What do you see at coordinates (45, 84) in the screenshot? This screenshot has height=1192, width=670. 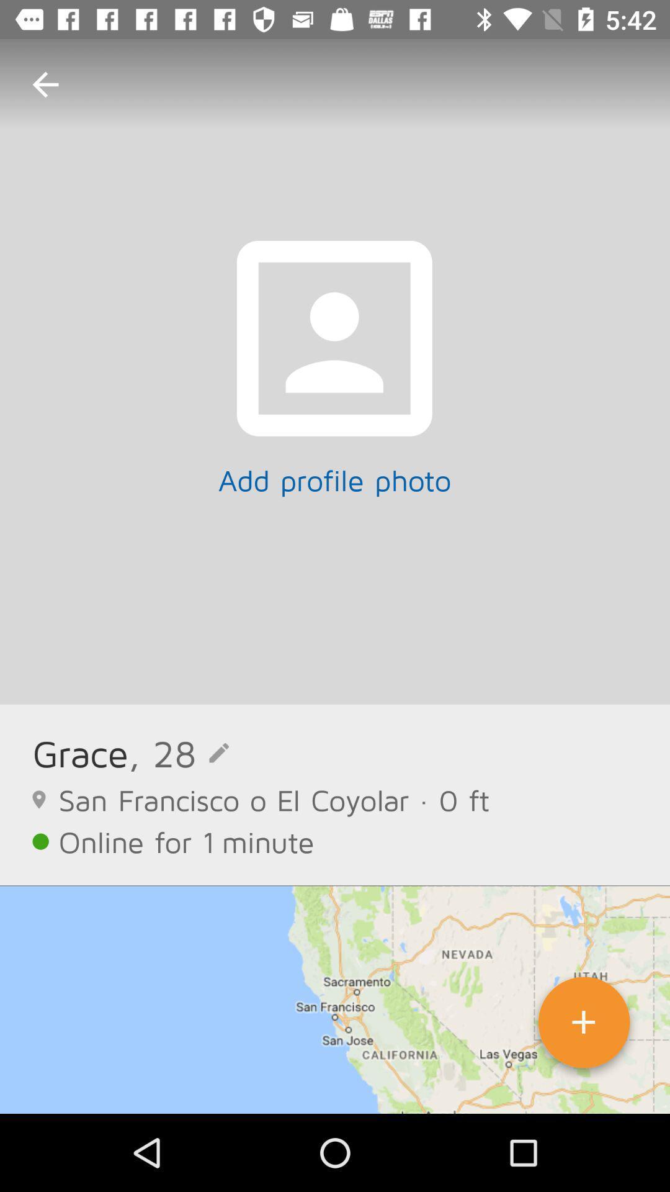 I see `icon above the grace` at bounding box center [45, 84].